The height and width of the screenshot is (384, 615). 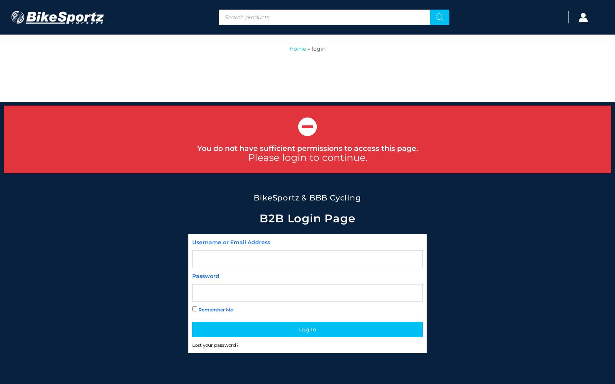 I want to click on 'Log In', so click(x=298, y=329).